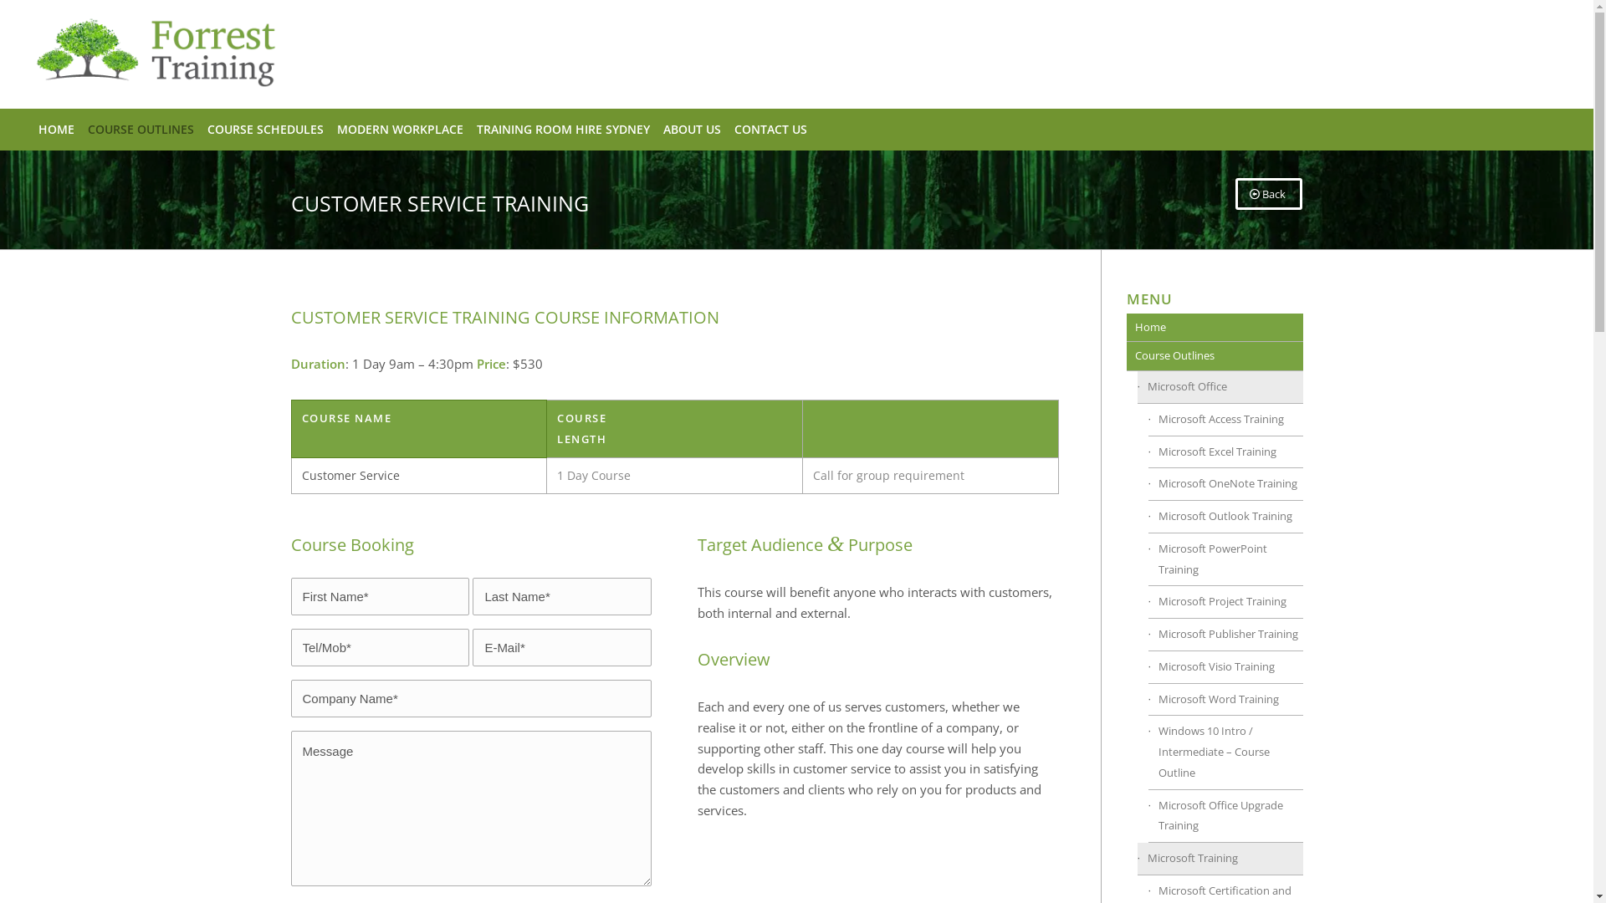 The width and height of the screenshot is (1606, 903). What do you see at coordinates (1225, 602) in the screenshot?
I see `'Microsoft Project Training'` at bounding box center [1225, 602].